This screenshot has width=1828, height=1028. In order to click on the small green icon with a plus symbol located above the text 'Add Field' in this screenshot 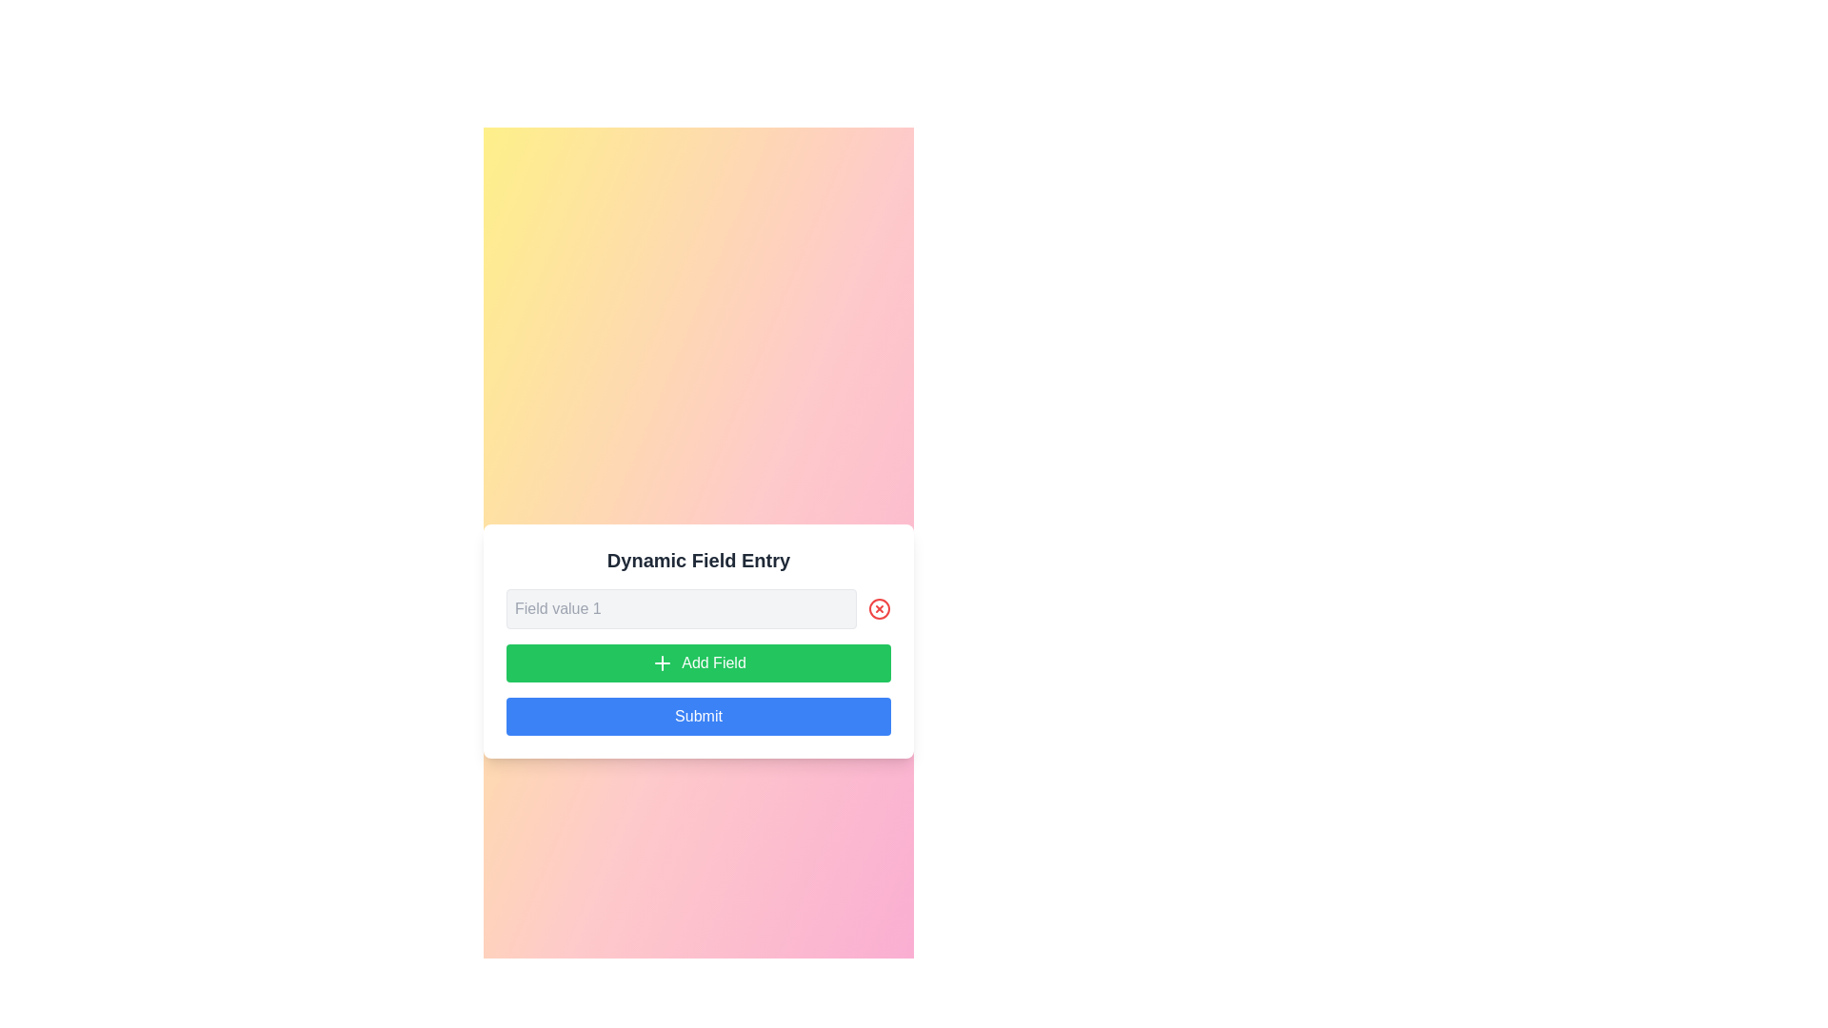, I will do `click(663, 662)`.